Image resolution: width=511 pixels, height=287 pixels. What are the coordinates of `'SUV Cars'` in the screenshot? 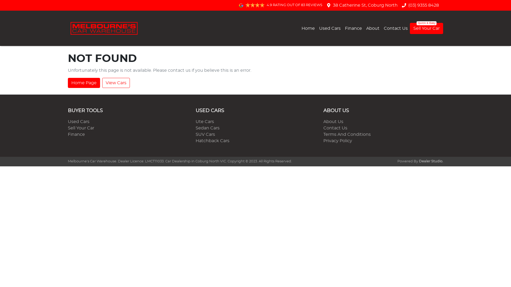 It's located at (205, 134).